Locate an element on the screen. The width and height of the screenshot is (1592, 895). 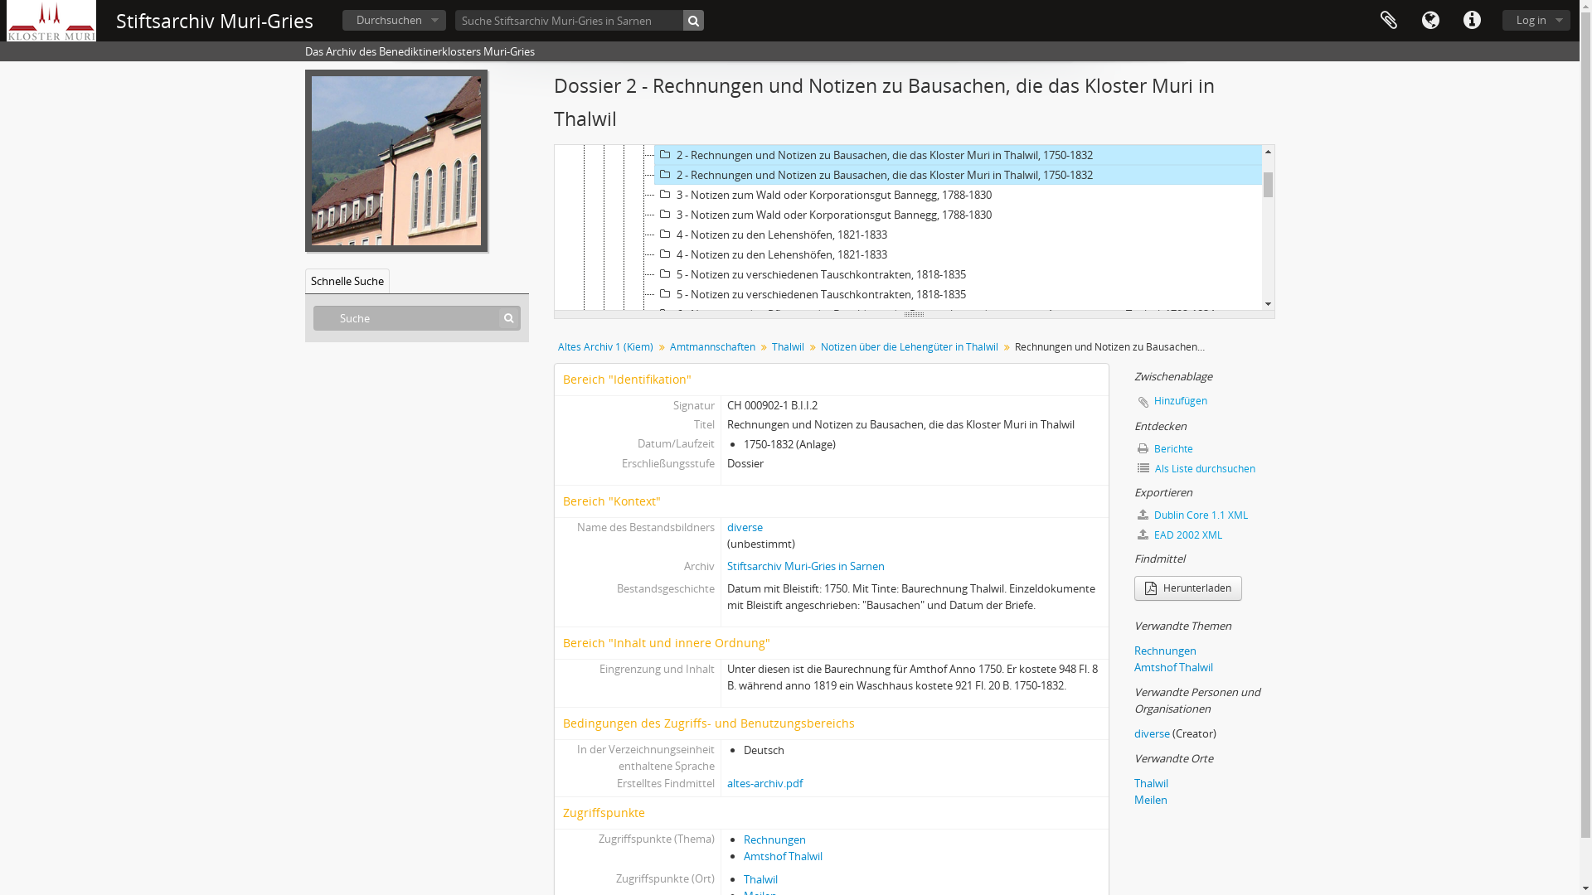
'Schnelle Suche' is located at coordinates (346, 280).